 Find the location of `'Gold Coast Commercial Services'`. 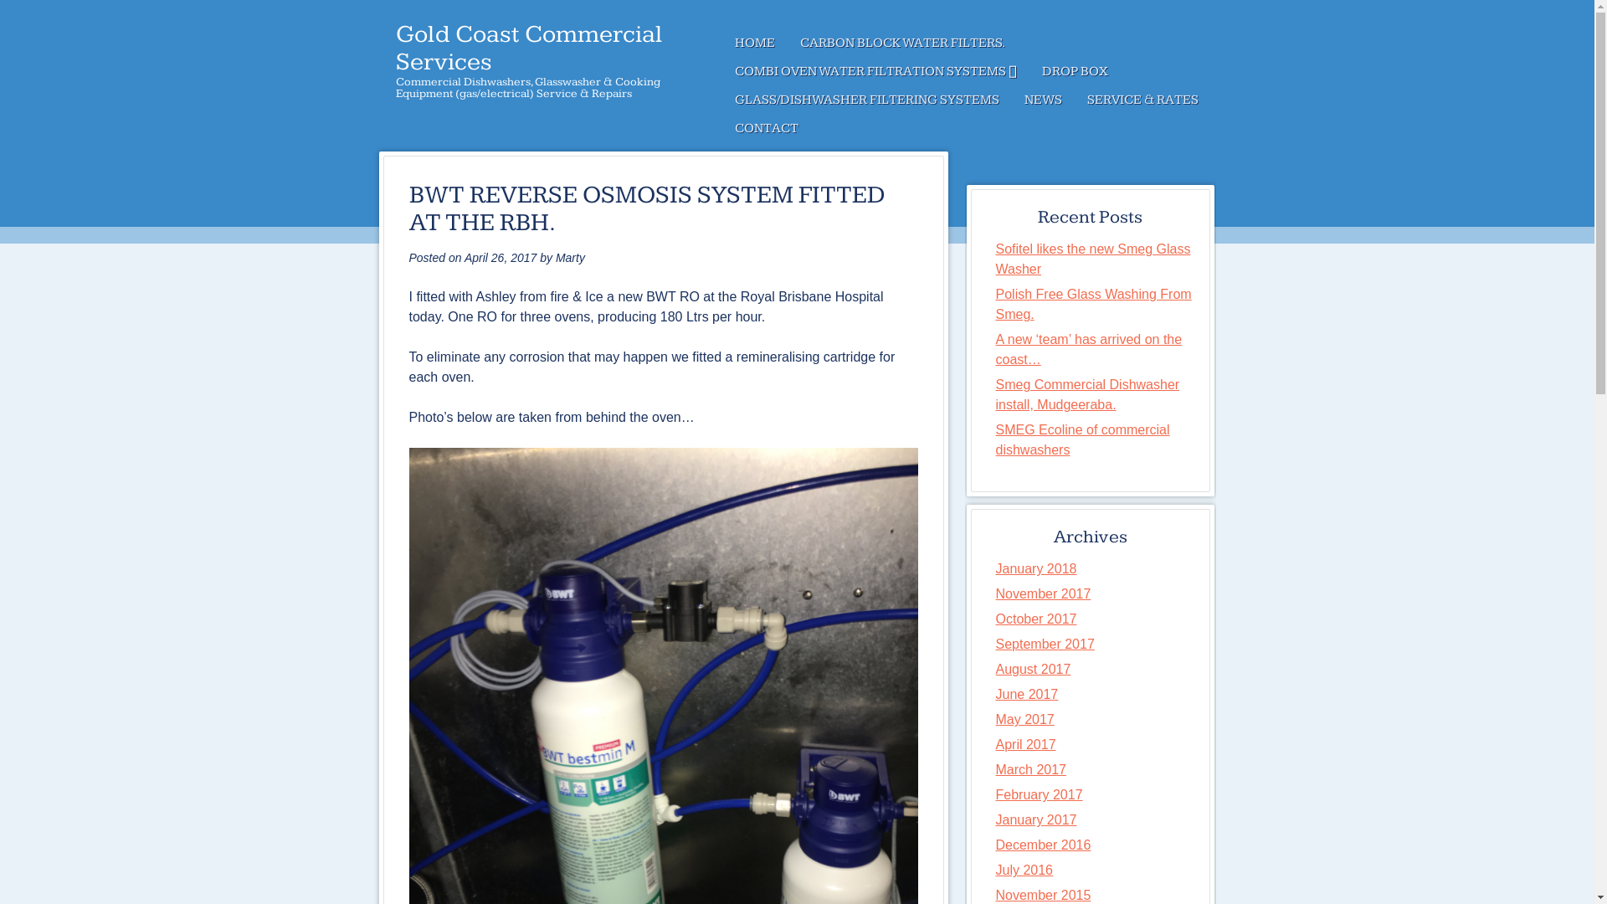

'Gold Coast Commercial Services' is located at coordinates (527, 47).